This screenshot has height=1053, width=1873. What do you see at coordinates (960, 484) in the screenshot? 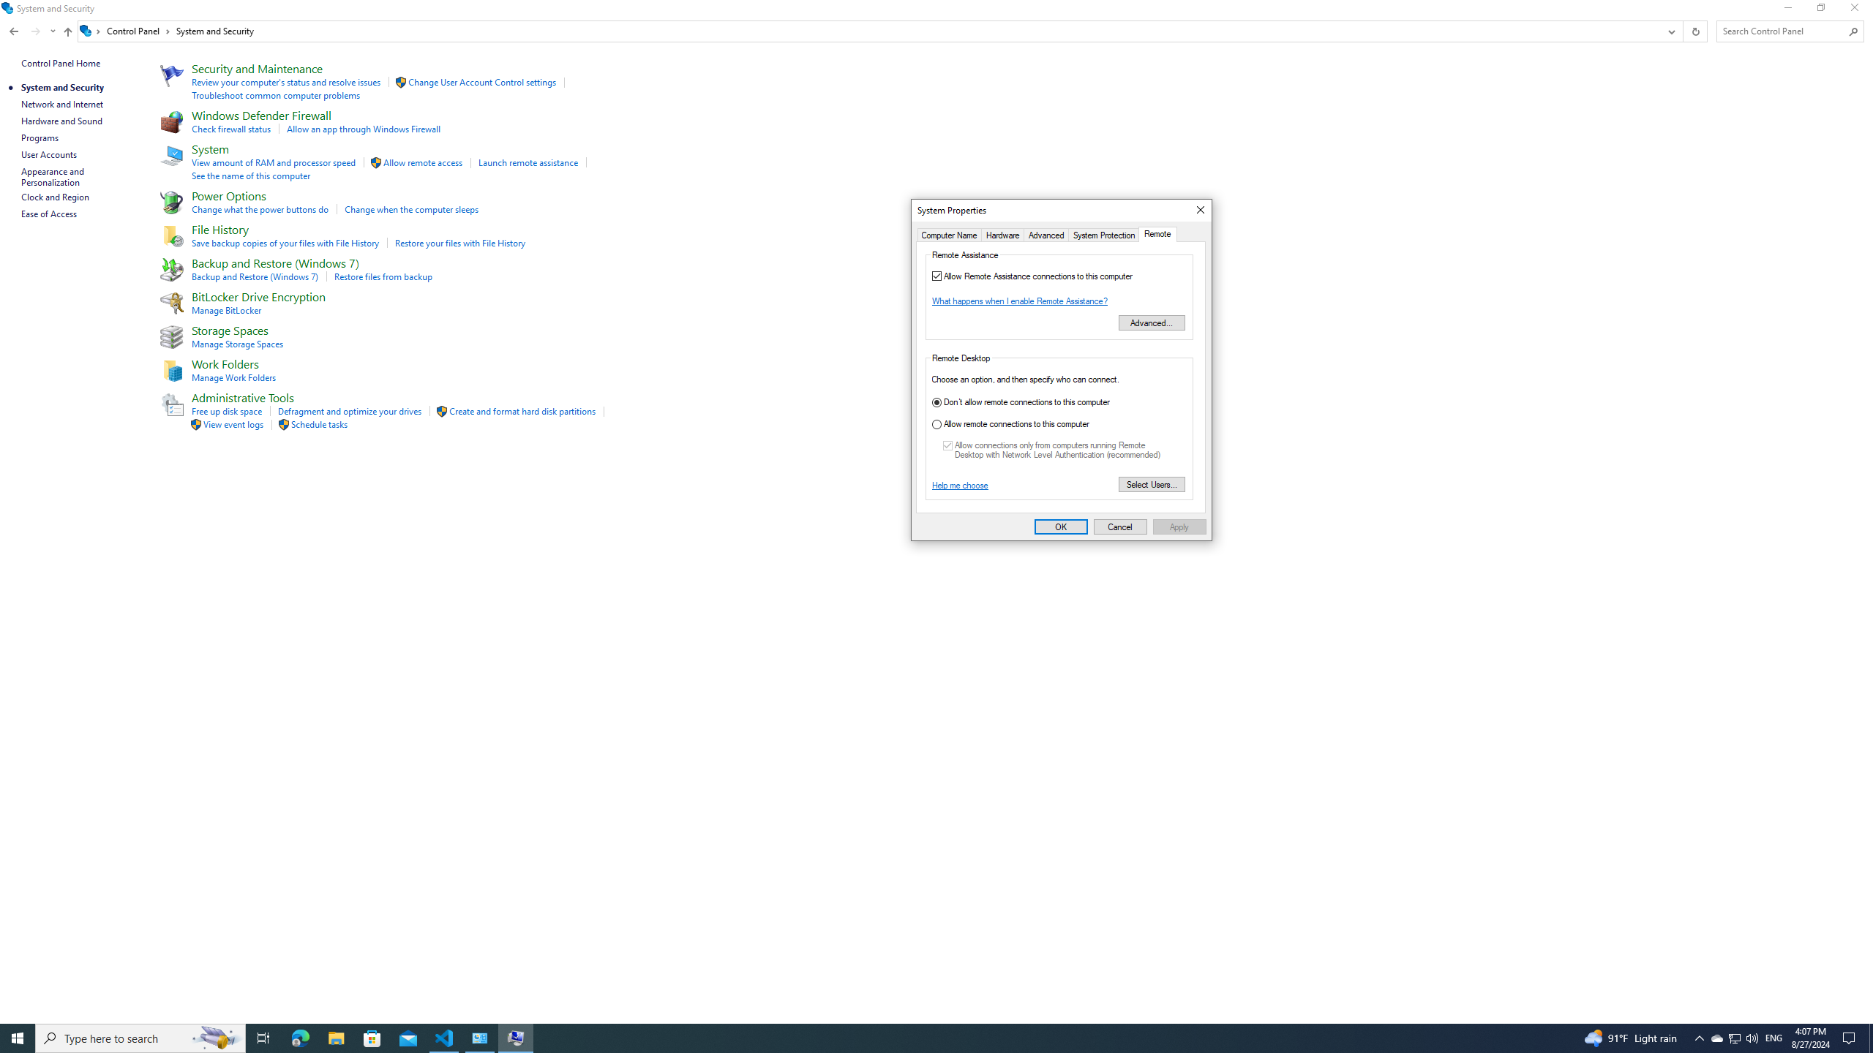
I see `'Help me choose'` at bounding box center [960, 484].